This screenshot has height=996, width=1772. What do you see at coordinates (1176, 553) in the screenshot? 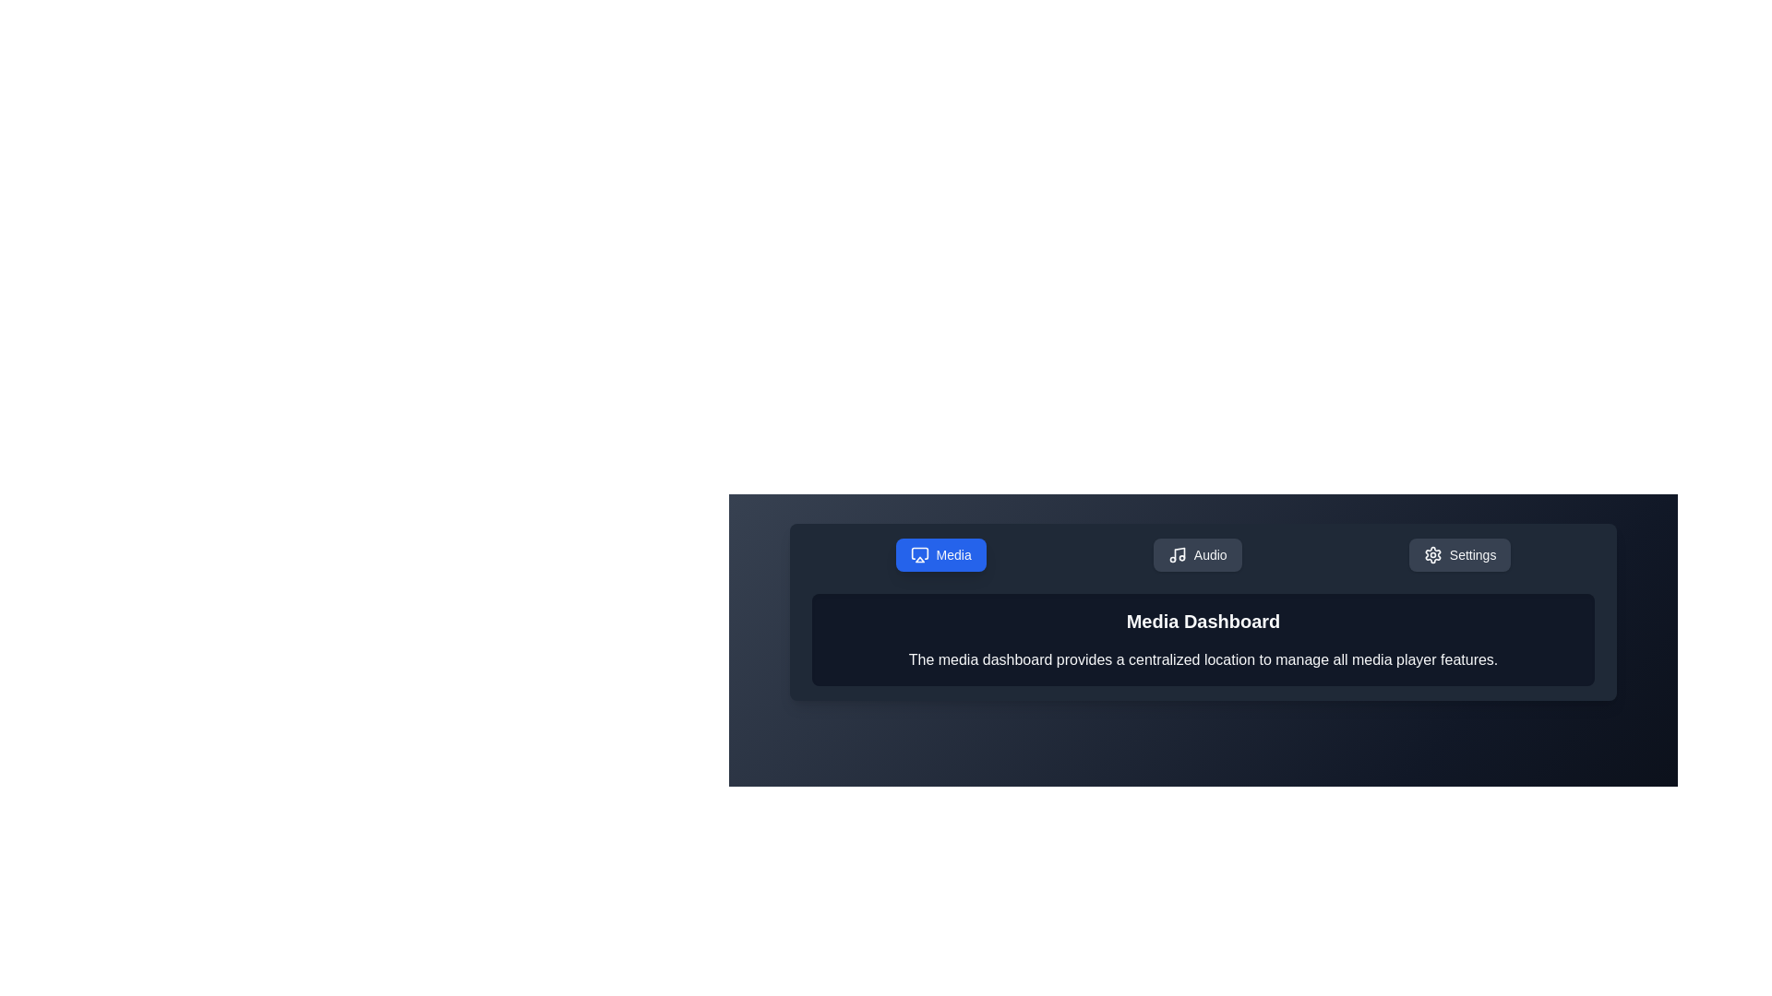
I see `the audio-related icon, which is the leftmost subcomponent of the 'Audio' button located centrally at the top of the interface` at bounding box center [1176, 553].